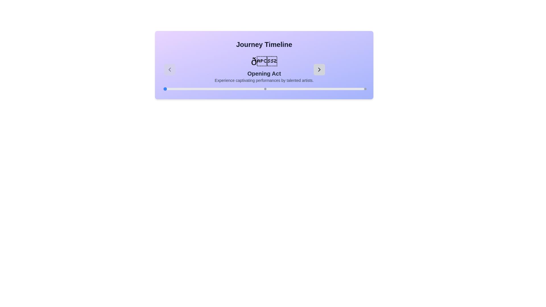  What do you see at coordinates (300, 89) in the screenshot?
I see `the slider position` at bounding box center [300, 89].